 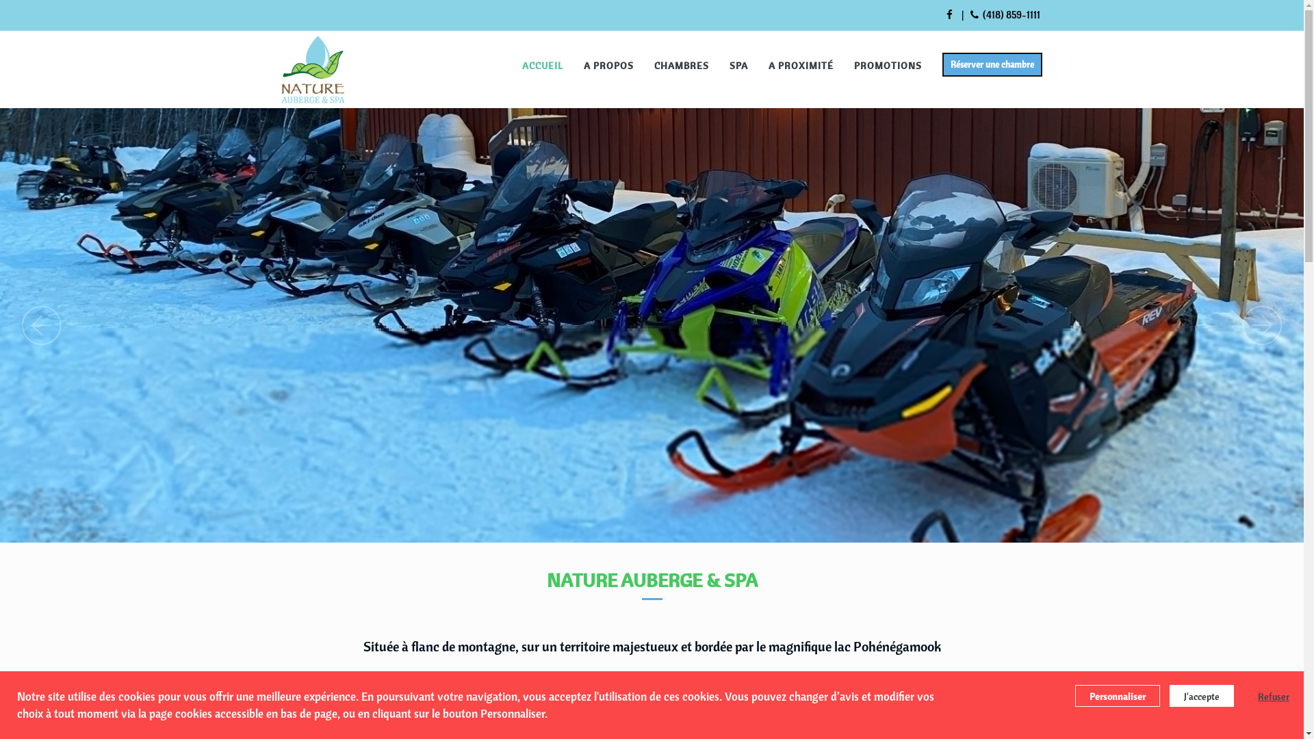 What do you see at coordinates (511, 65) in the screenshot?
I see `'ACCUEIL'` at bounding box center [511, 65].